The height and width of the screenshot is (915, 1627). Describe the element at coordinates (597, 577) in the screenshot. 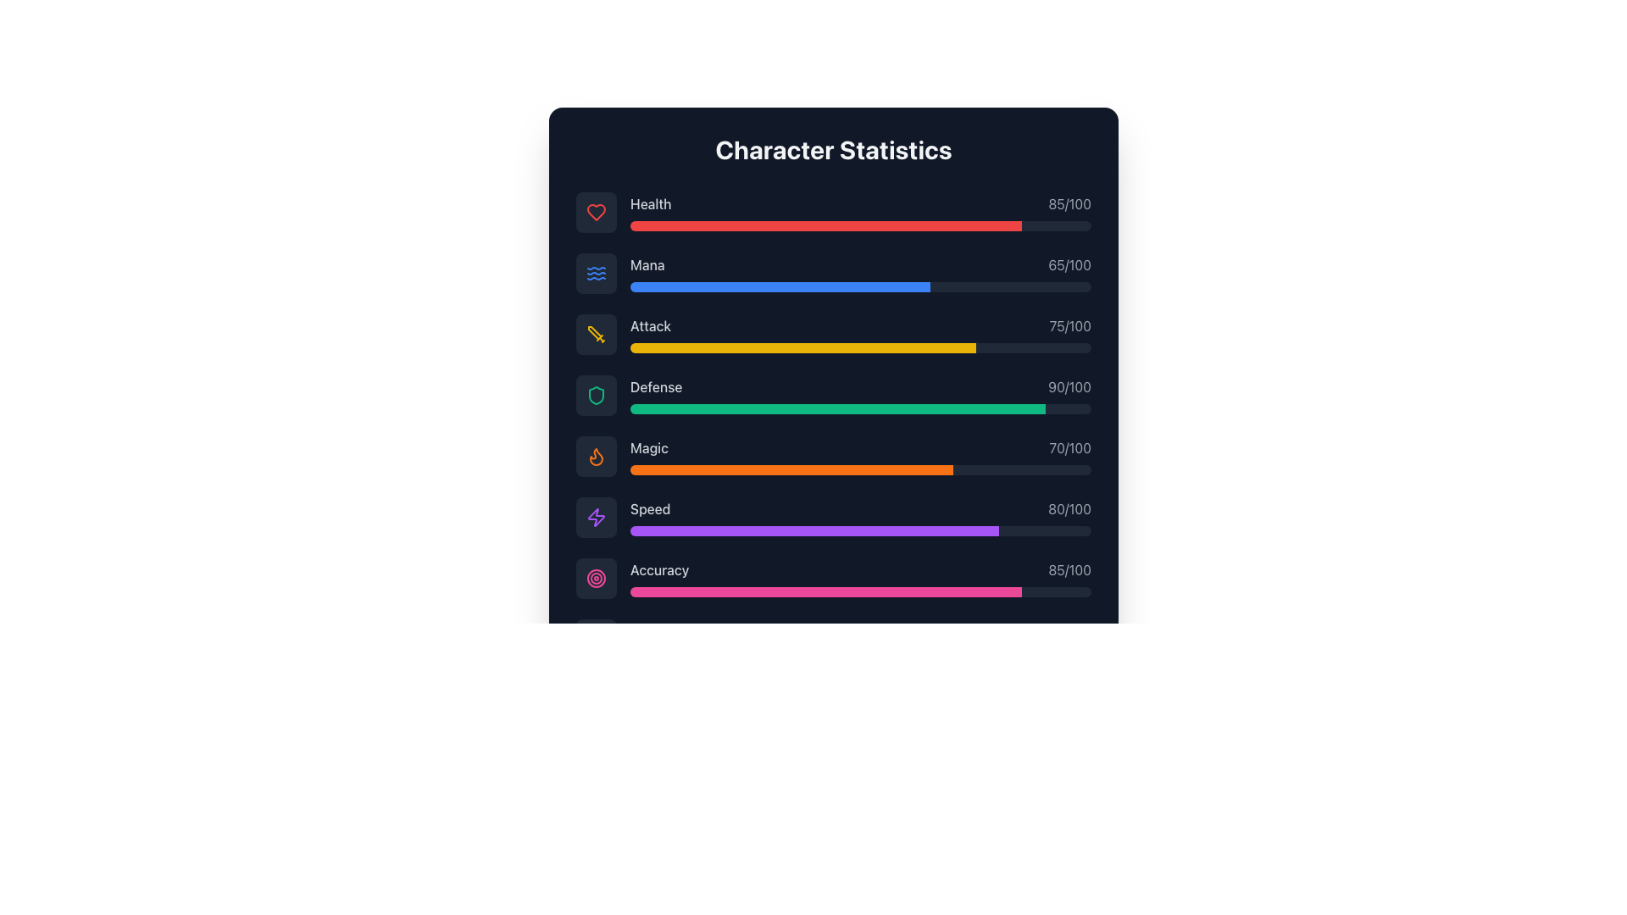

I see `the 'Accuracy' statistic icon located at the rightmost part of the character statistics row` at that location.